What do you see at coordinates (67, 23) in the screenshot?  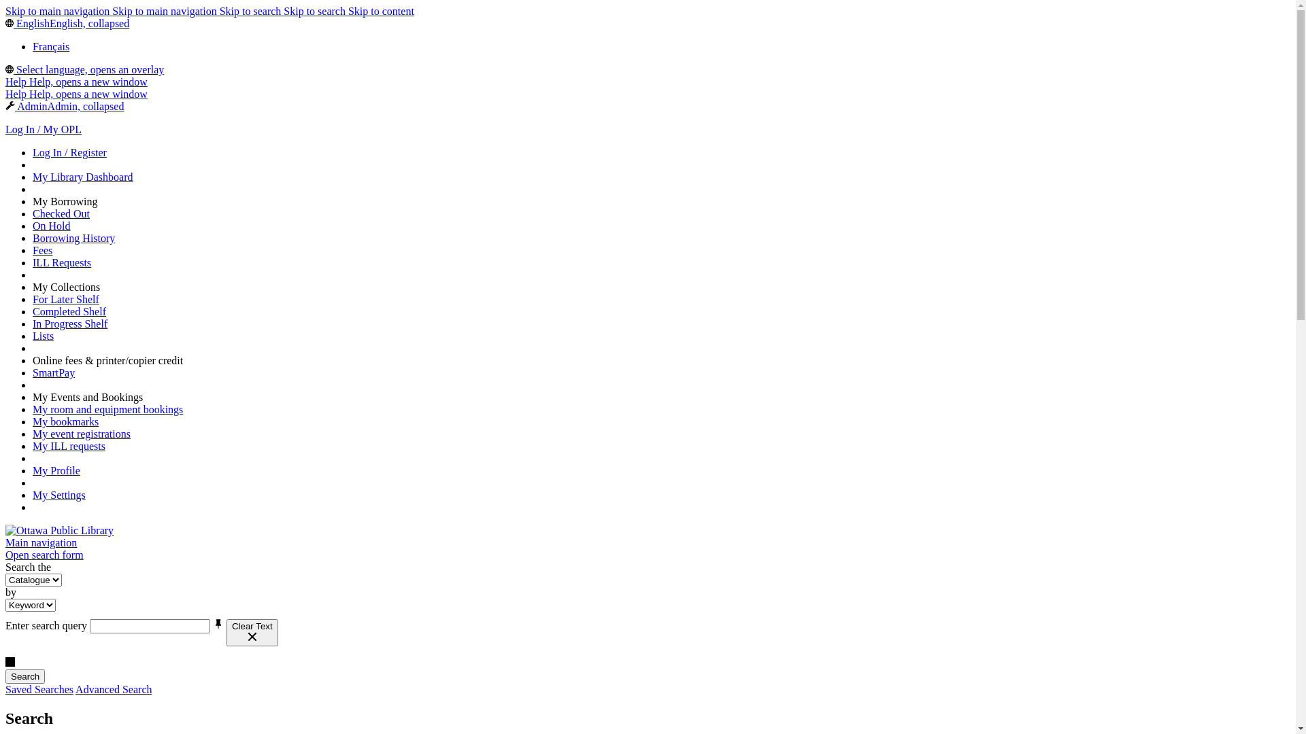 I see `'EnglishEnglish, collapsed'` at bounding box center [67, 23].